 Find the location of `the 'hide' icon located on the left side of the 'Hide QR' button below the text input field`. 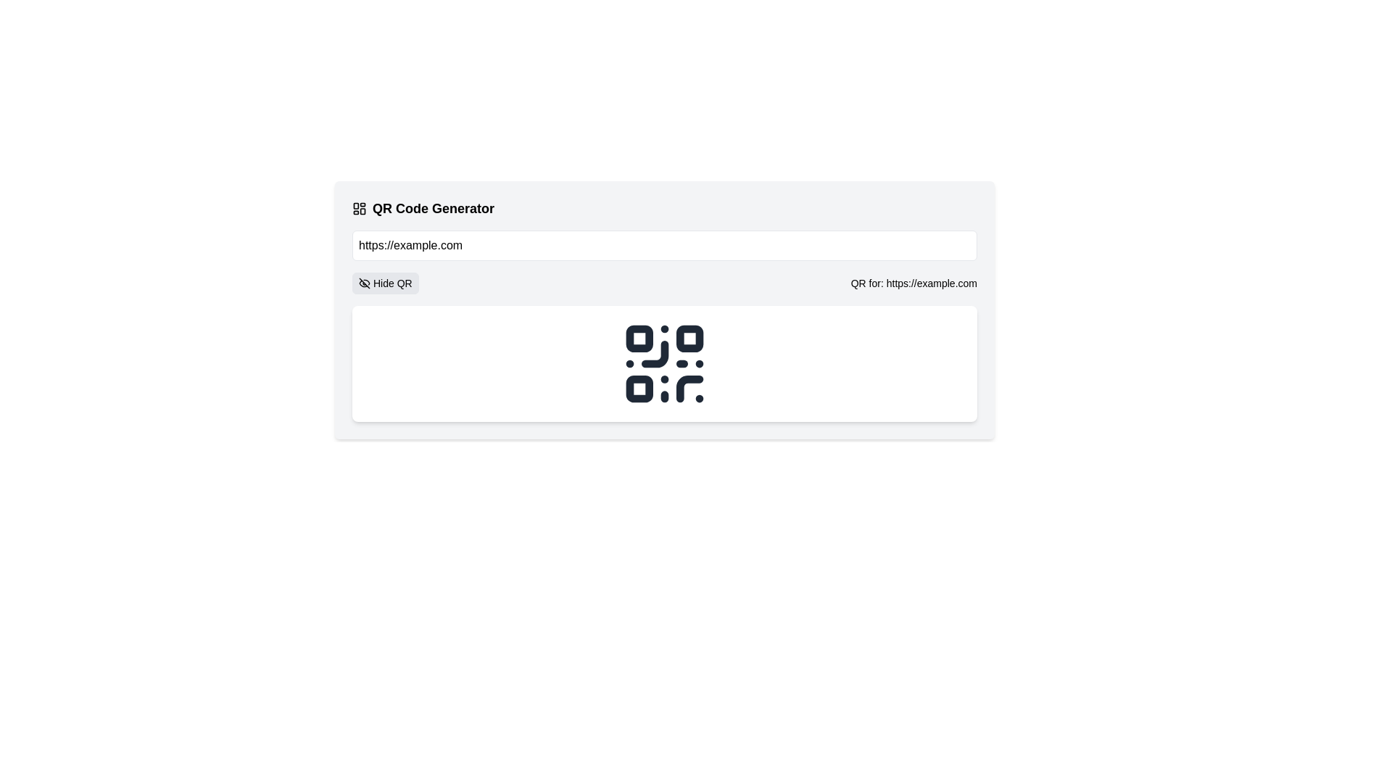

the 'hide' icon located on the left side of the 'Hide QR' button below the text input field is located at coordinates (365, 283).